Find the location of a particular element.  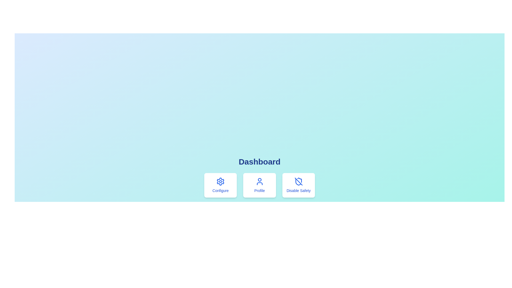

the navigation card located in the center column below the 'Dashboard' heading, flanked by 'Configure' and 'Disable Safety' cards is located at coordinates (259, 185).